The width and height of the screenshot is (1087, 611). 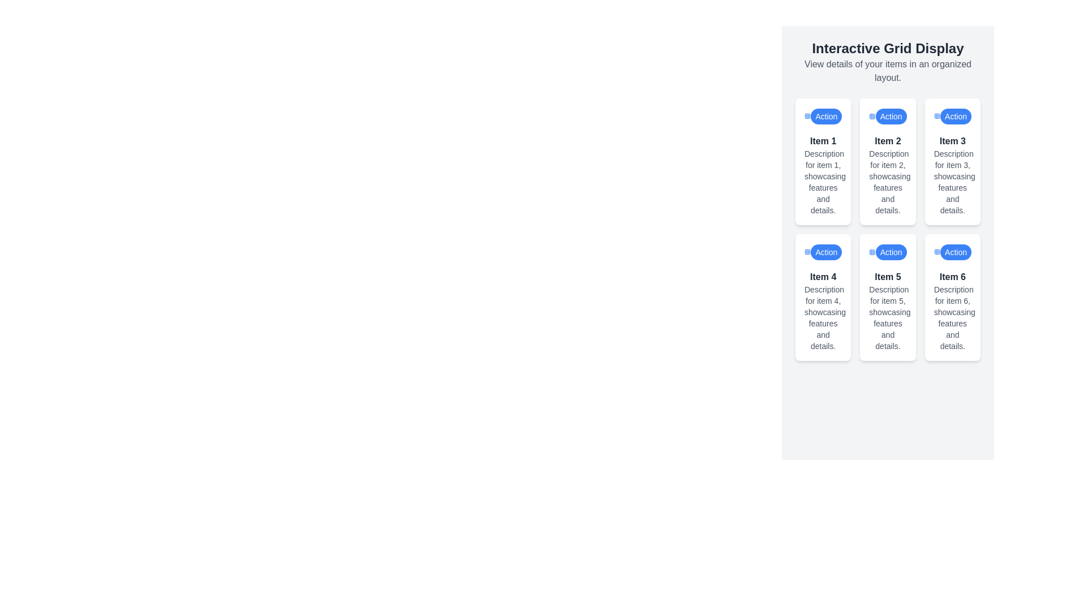 What do you see at coordinates (887, 71) in the screenshot?
I see `the text label that provides a brief description or instruction related to the 'Interactive Grid Display' feature, which is positioned beneath the main title in the right-aligned panel` at bounding box center [887, 71].